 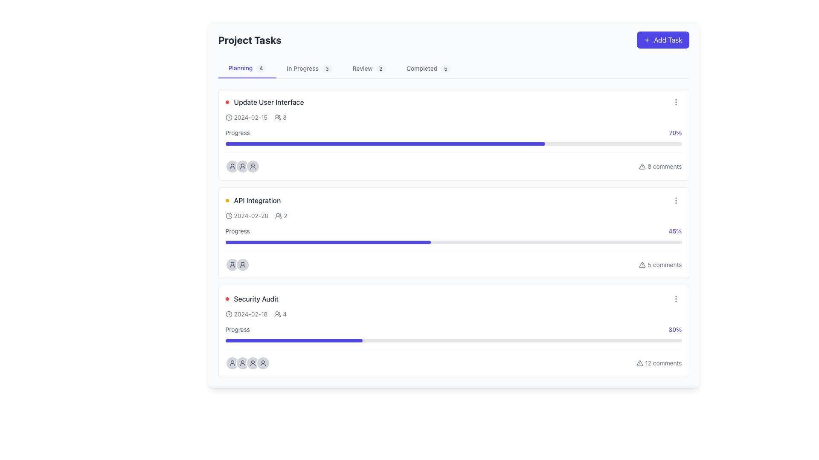 What do you see at coordinates (675, 329) in the screenshot?
I see `the static text displaying the percentage value '30%' styled in bold indigo color, located on the far-right side of the task card, alongside the progress indicator bar` at bounding box center [675, 329].